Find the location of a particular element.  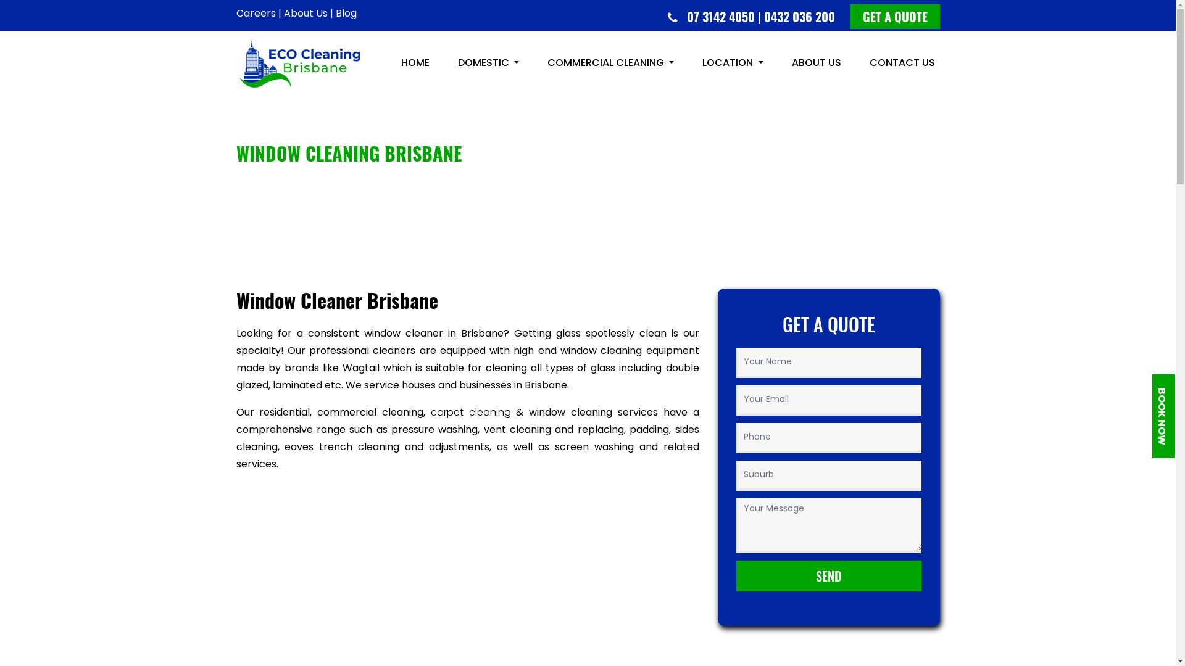

'CONTACT US' is located at coordinates (901, 62).